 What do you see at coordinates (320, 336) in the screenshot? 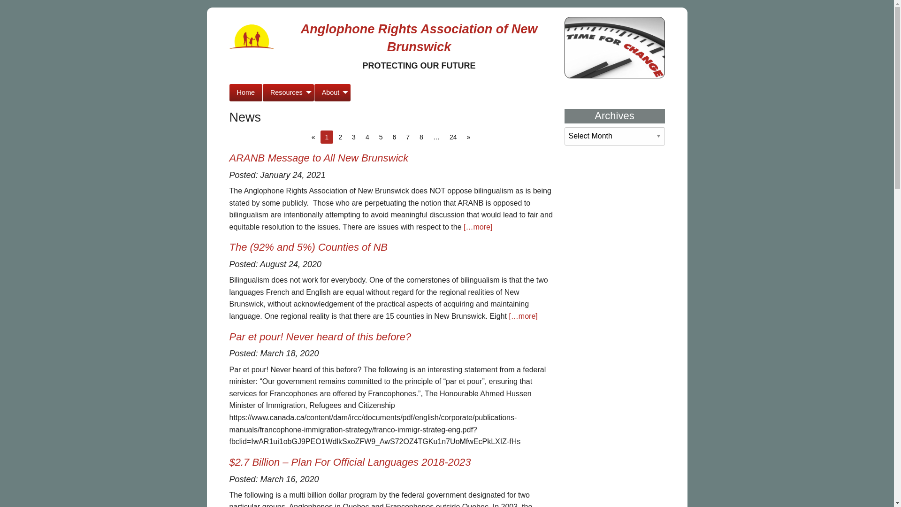
I see `'Par et pour! Never heard of this before?'` at bounding box center [320, 336].